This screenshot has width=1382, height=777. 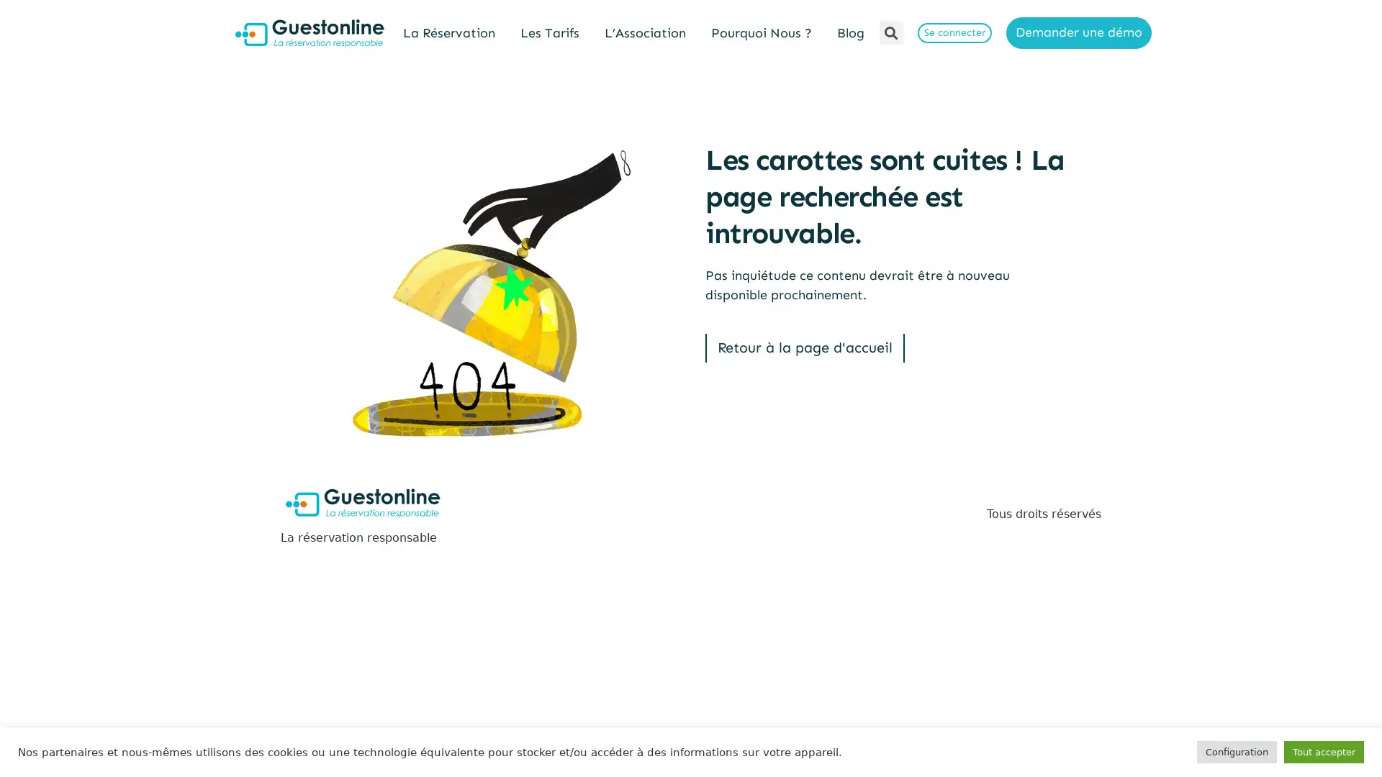 I want to click on Se connecter, so click(x=954, y=32).